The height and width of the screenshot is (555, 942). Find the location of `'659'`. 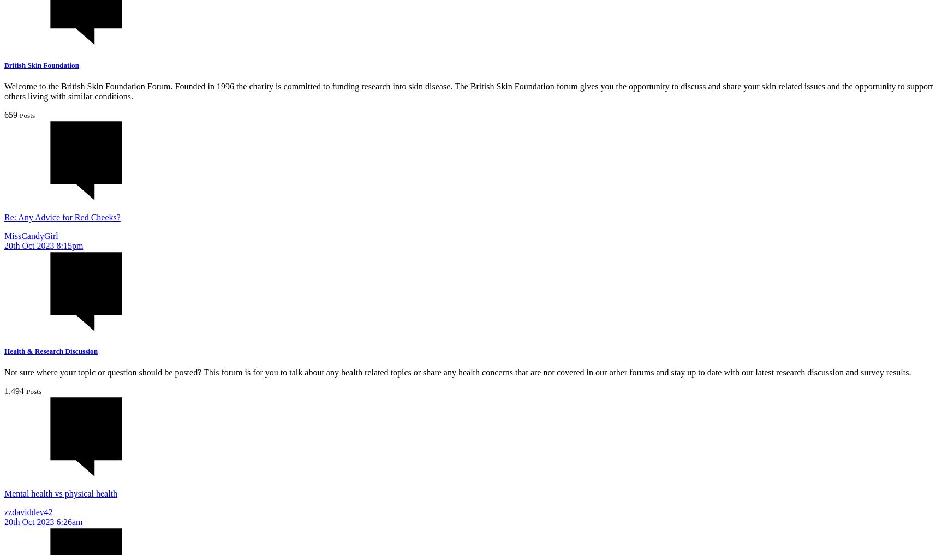

'659' is located at coordinates (11, 114).